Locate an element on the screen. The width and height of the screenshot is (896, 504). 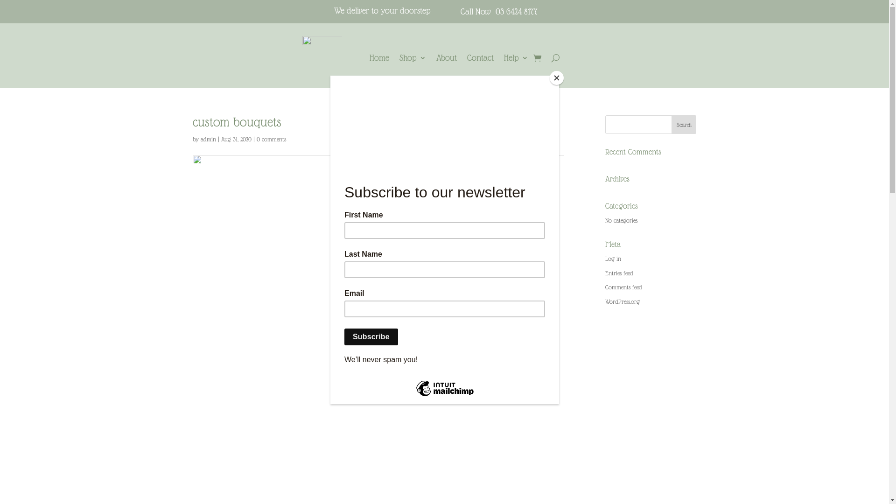
'Search' is located at coordinates (684, 124).